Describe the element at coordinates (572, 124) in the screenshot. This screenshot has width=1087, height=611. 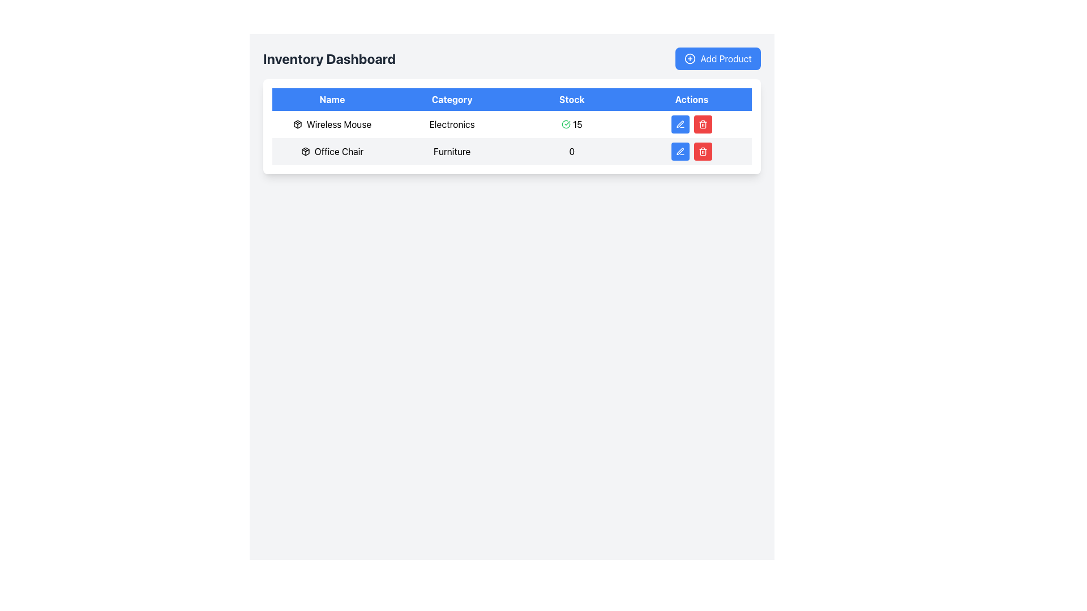
I see `the green checkmark icon of the stock indicator for the product 'Wireless Mouse' to perform related actions` at that location.